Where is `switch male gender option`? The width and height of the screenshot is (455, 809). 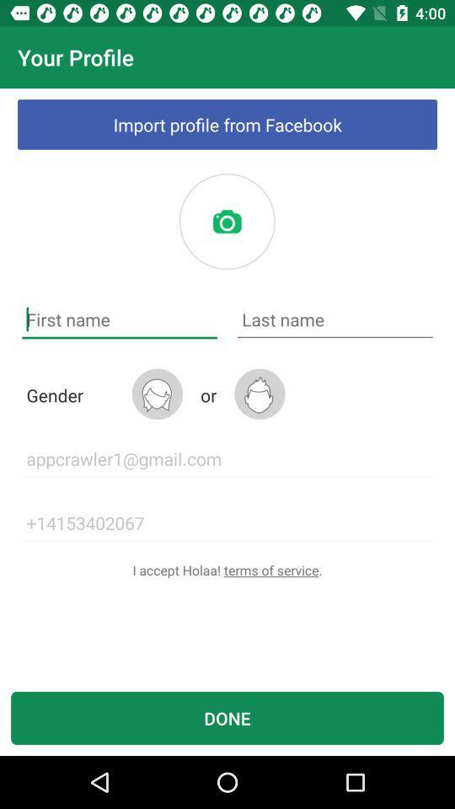
switch male gender option is located at coordinates (260, 394).